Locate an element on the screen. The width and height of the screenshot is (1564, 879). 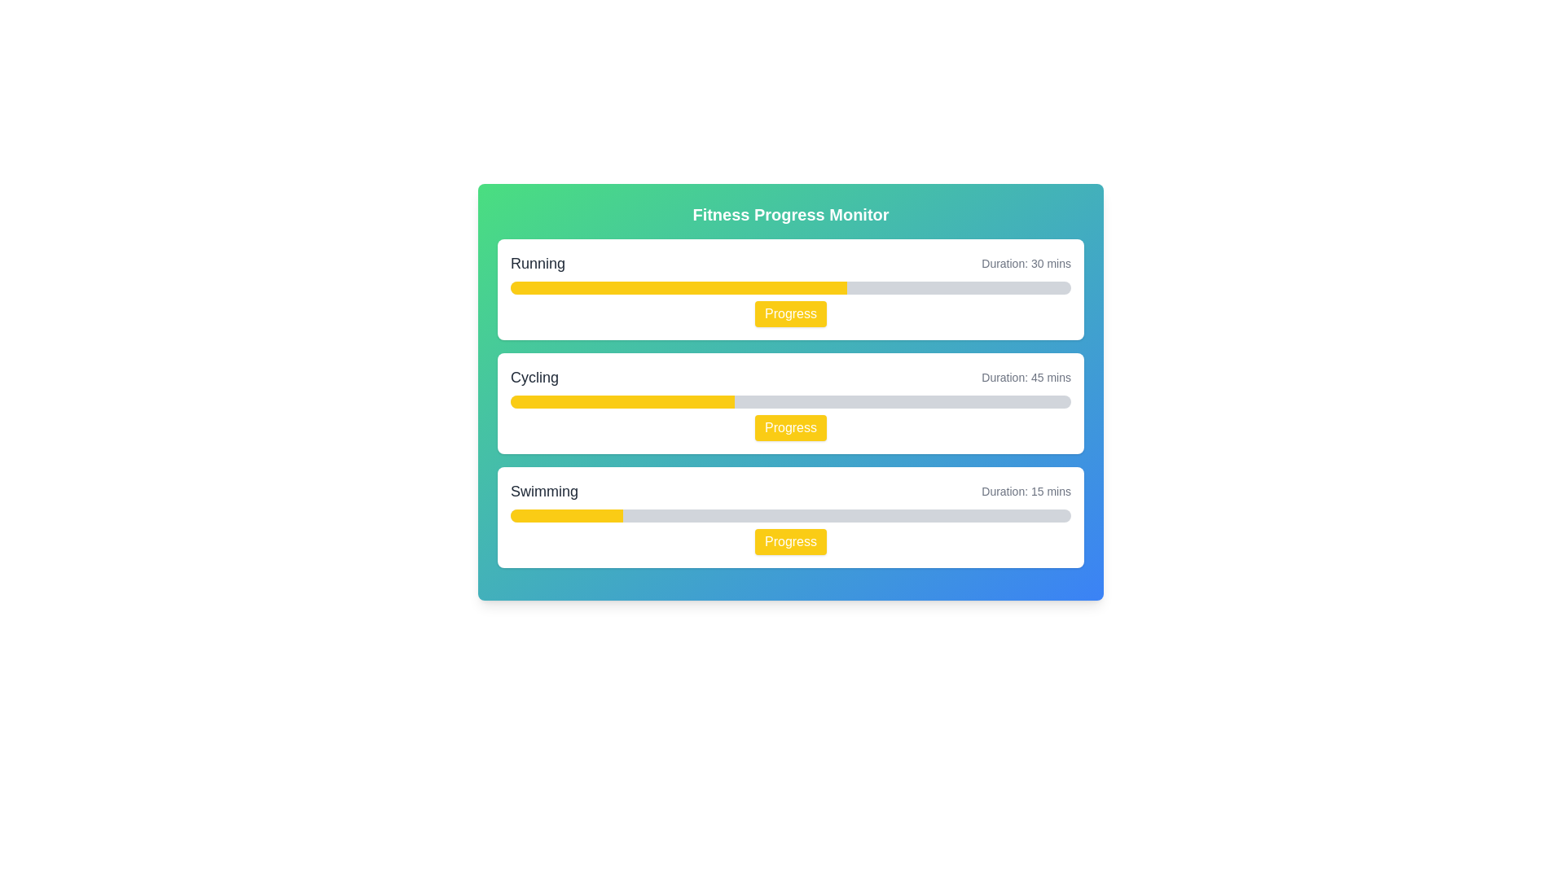
text label that identifies the activity as 'Swimming', located in the upper-left corner of the third card in a vertical sequence is located at coordinates (544, 491).